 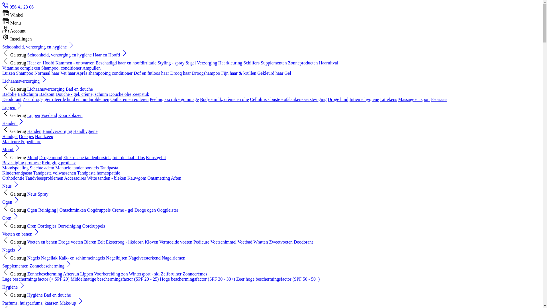 I want to click on 'Zelfbruiner', so click(x=171, y=273).